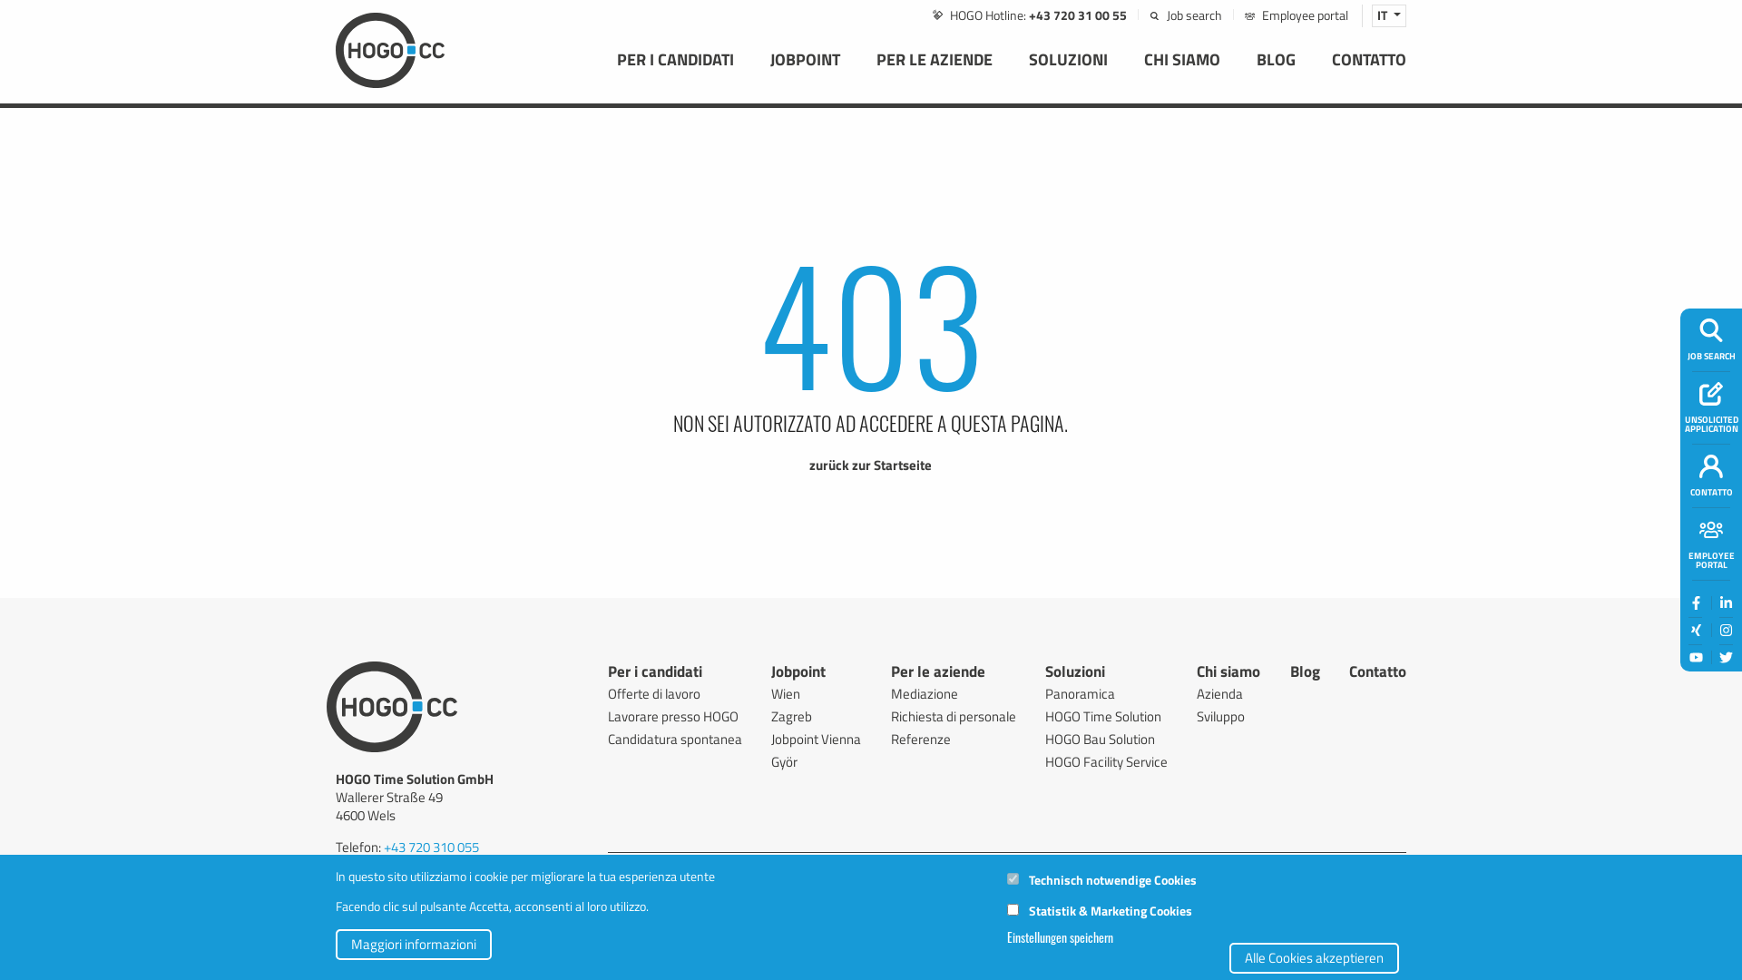 The width and height of the screenshot is (1742, 980). I want to click on 'Azienda', so click(1228, 693).